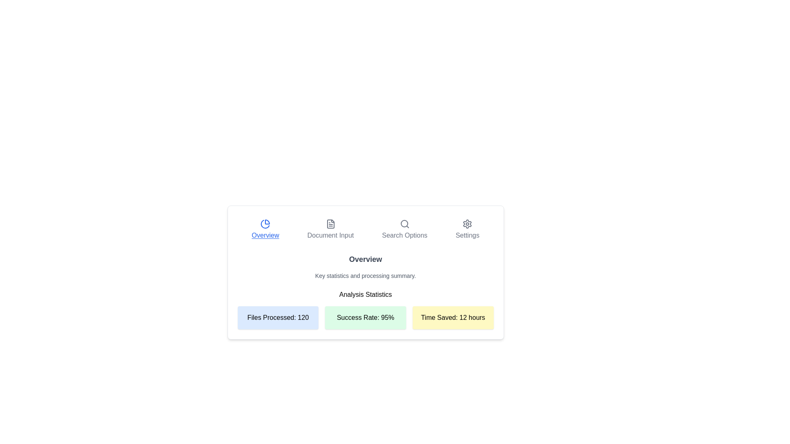 The height and width of the screenshot is (444, 790). Describe the element at coordinates (330, 224) in the screenshot. I see `the document icon located in the navigation bar under the label 'Document Input' to interact with its associated functionality` at that location.